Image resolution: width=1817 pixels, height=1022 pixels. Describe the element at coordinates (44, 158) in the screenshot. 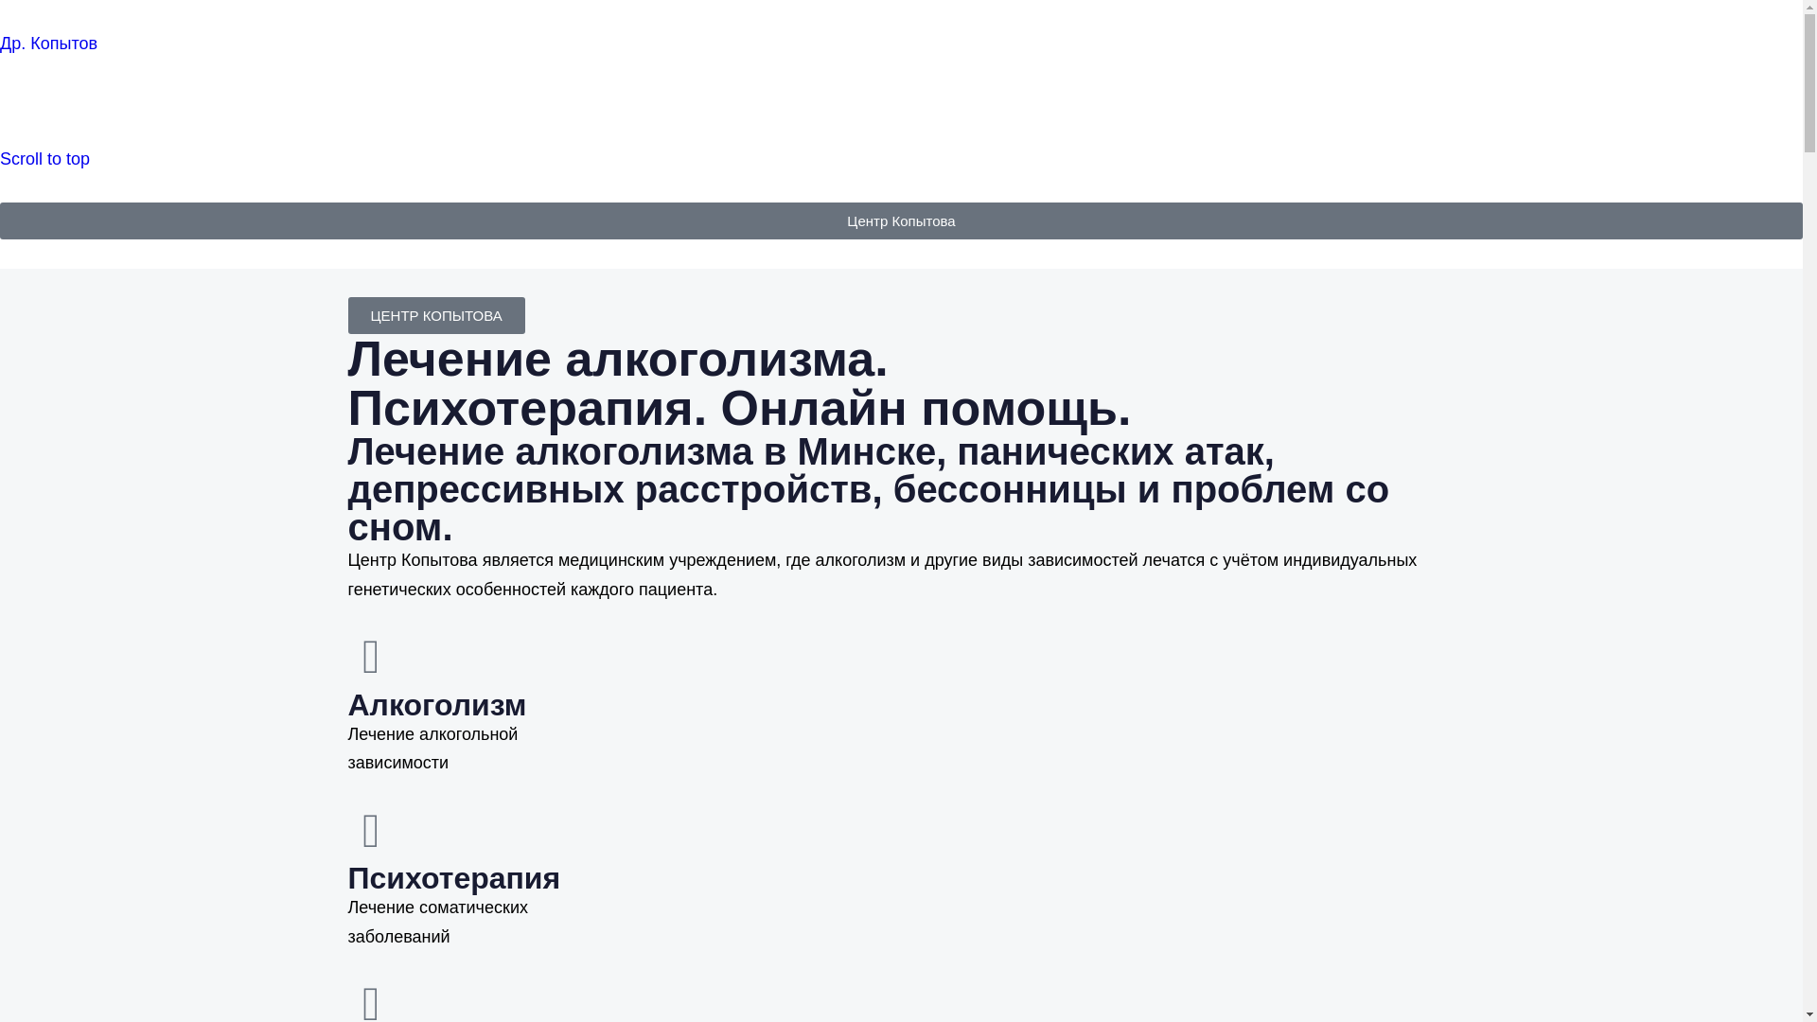

I see `'Scroll to top'` at that location.